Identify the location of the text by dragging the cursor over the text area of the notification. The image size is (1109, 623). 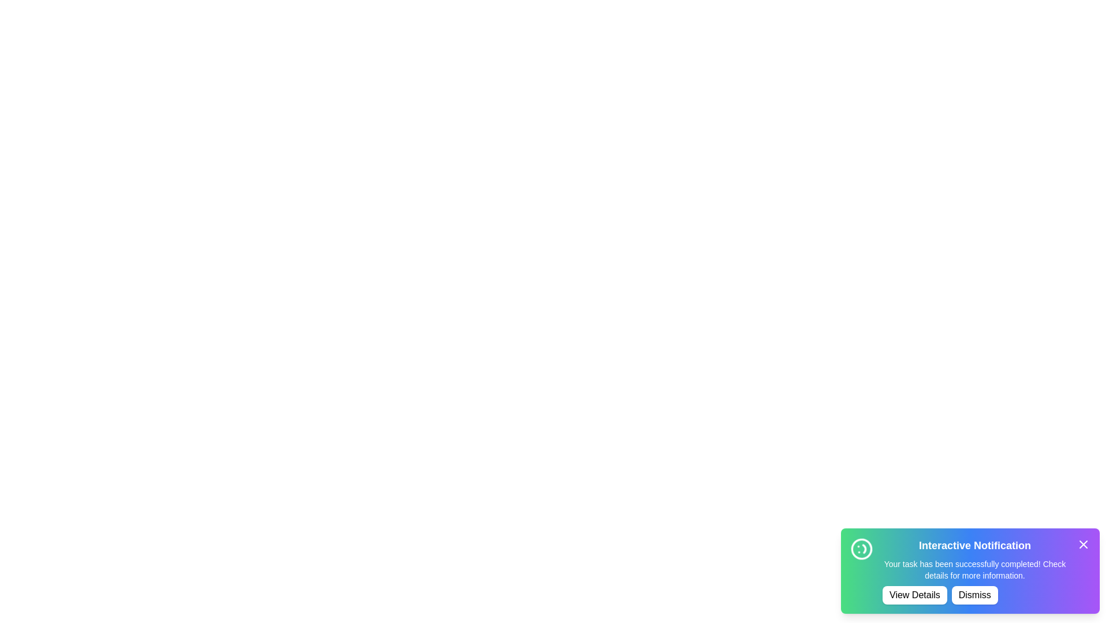
(881, 538).